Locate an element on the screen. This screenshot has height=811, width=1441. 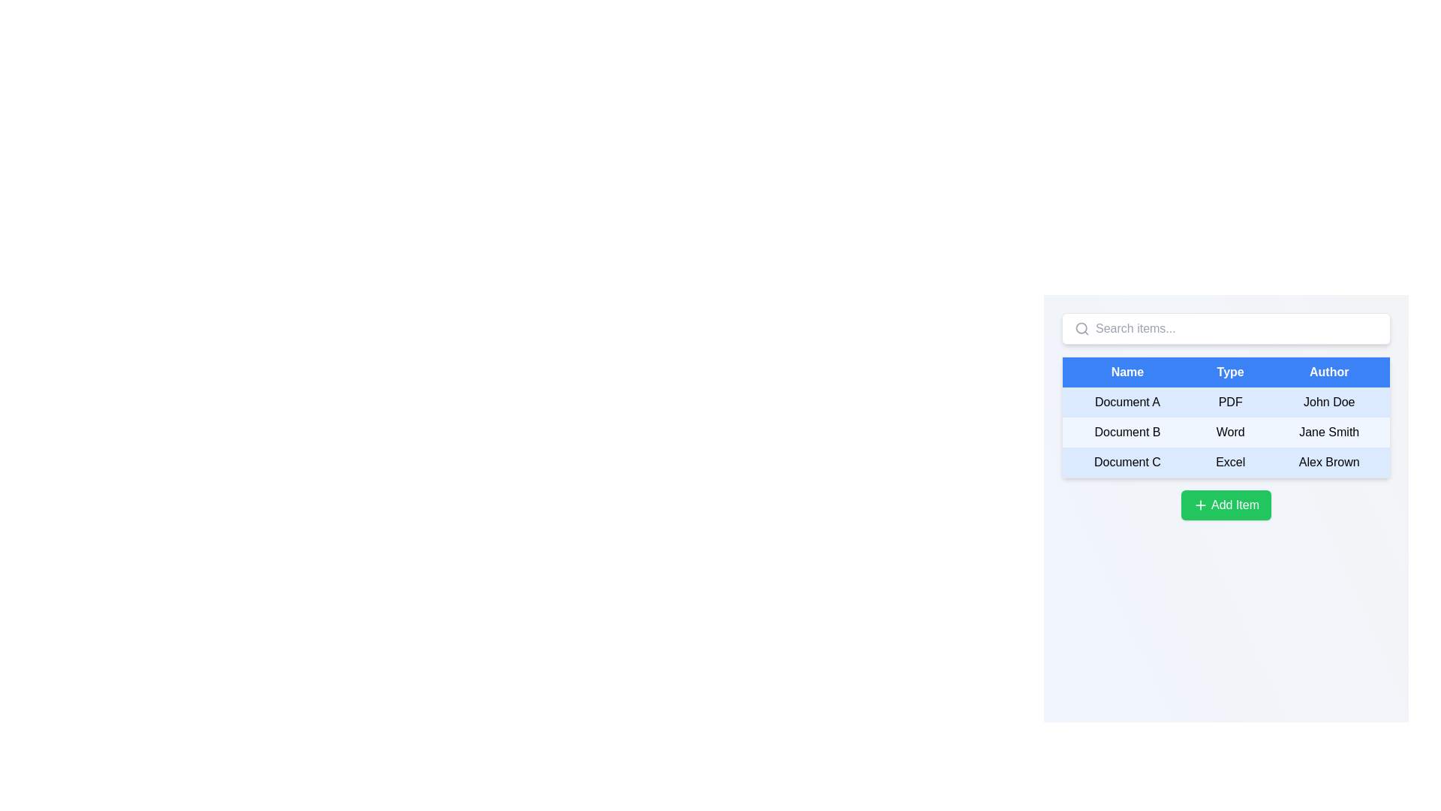
the green plus sign icon located on the left side of the 'Add Item' button, which serves as a visual cue for the button's functionality is located at coordinates (1199, 505).